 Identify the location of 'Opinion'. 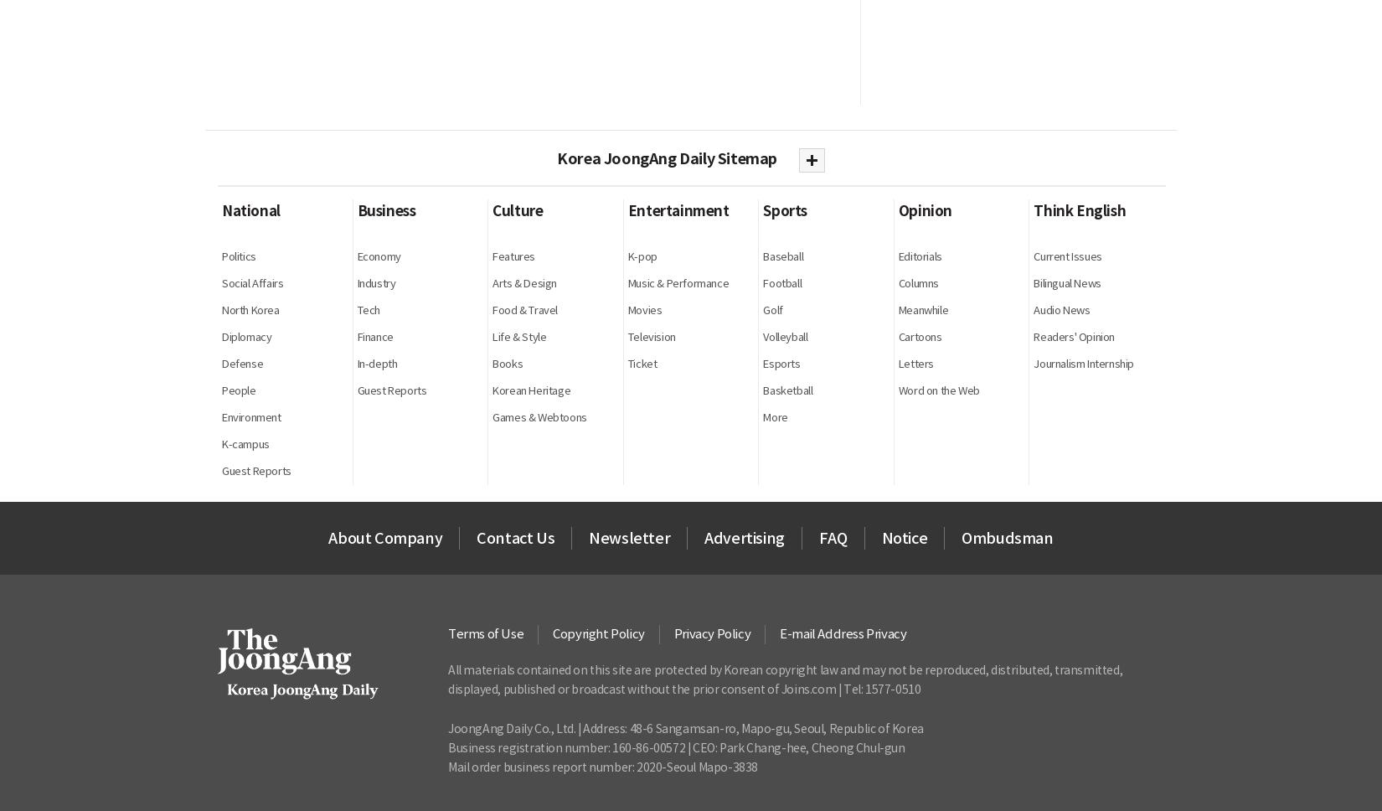
(925, 210).